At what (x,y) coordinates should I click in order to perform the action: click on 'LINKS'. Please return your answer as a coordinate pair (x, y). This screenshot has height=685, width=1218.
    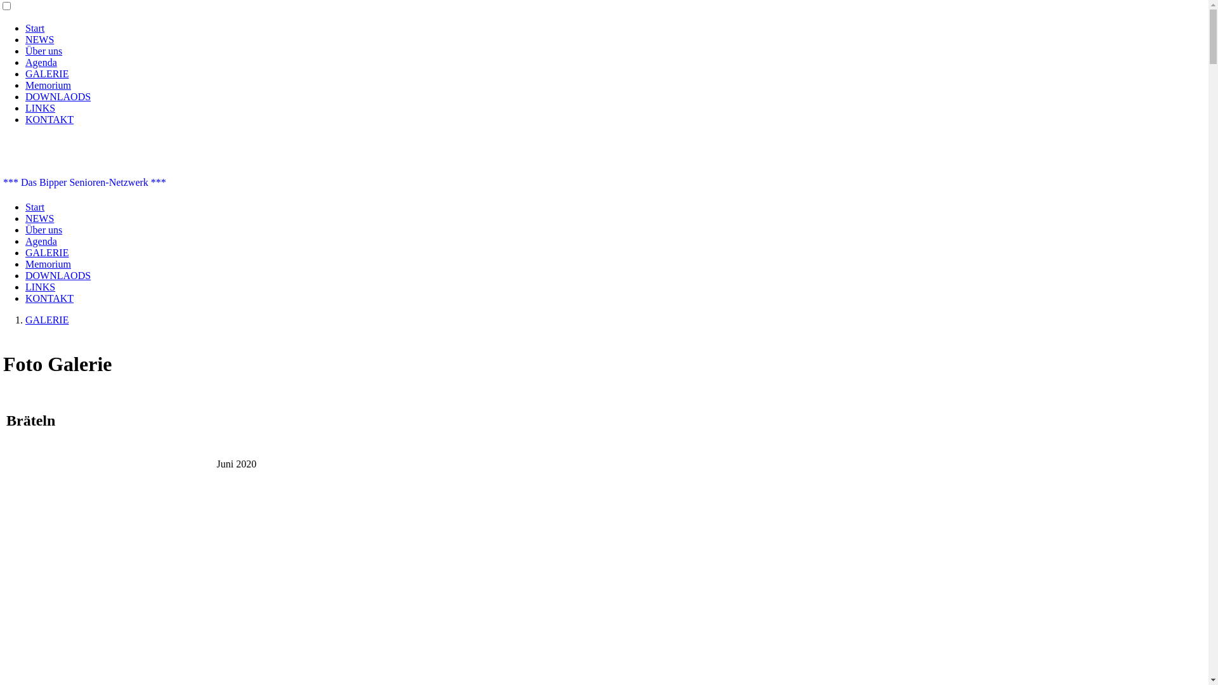
    Looking at the image, I should click on (40, 107).